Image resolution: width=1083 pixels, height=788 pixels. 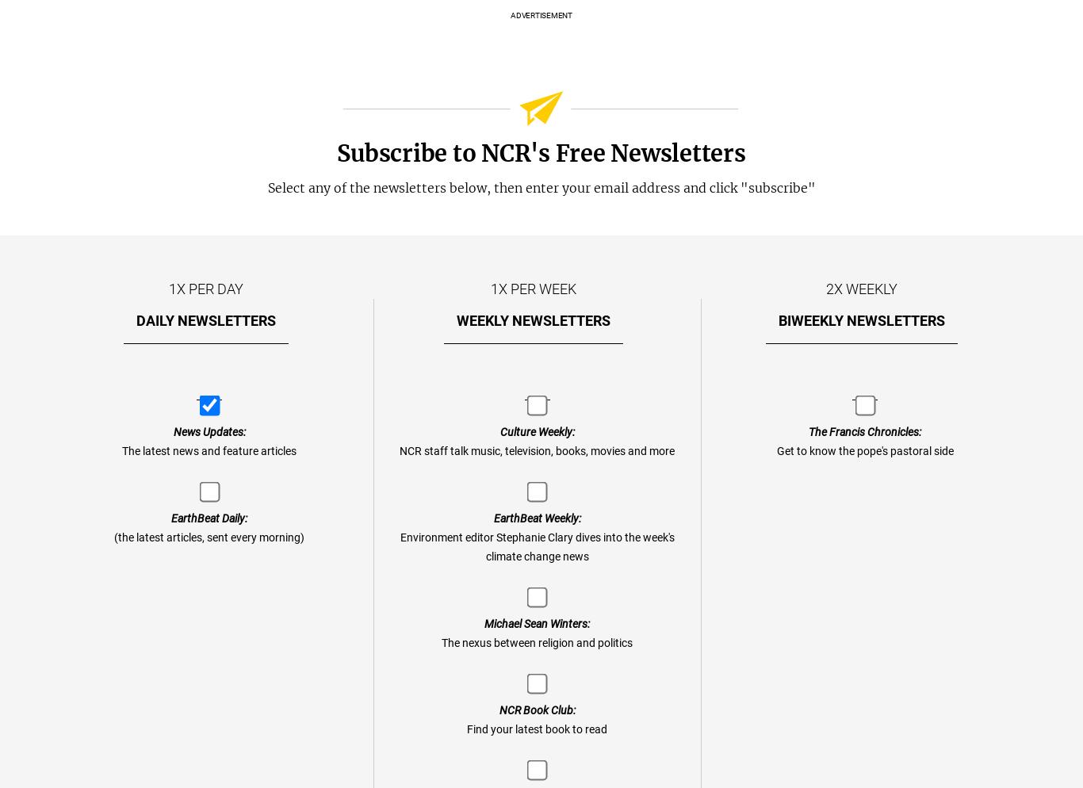 I want to click on 'EarthBeat Daily:', so click(x=170, y=518).